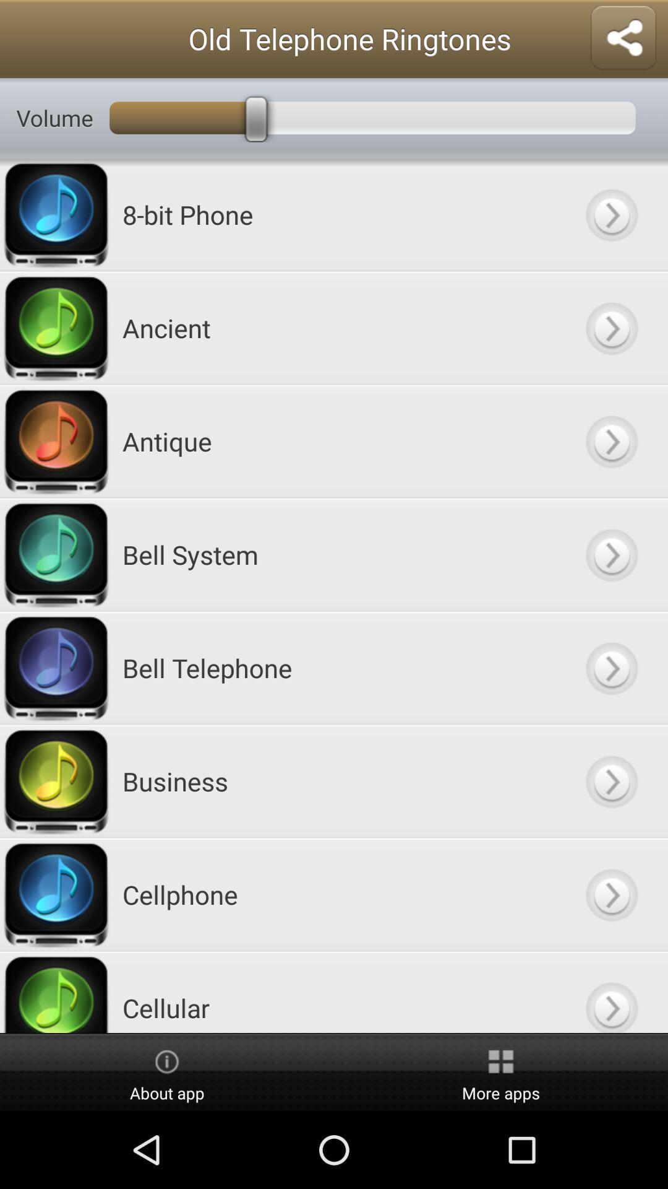 The width and height of the screenshot is (668, 1189). Describe the element at coordinates (610, 554) in the screenshot. I see `sound button` at that location.